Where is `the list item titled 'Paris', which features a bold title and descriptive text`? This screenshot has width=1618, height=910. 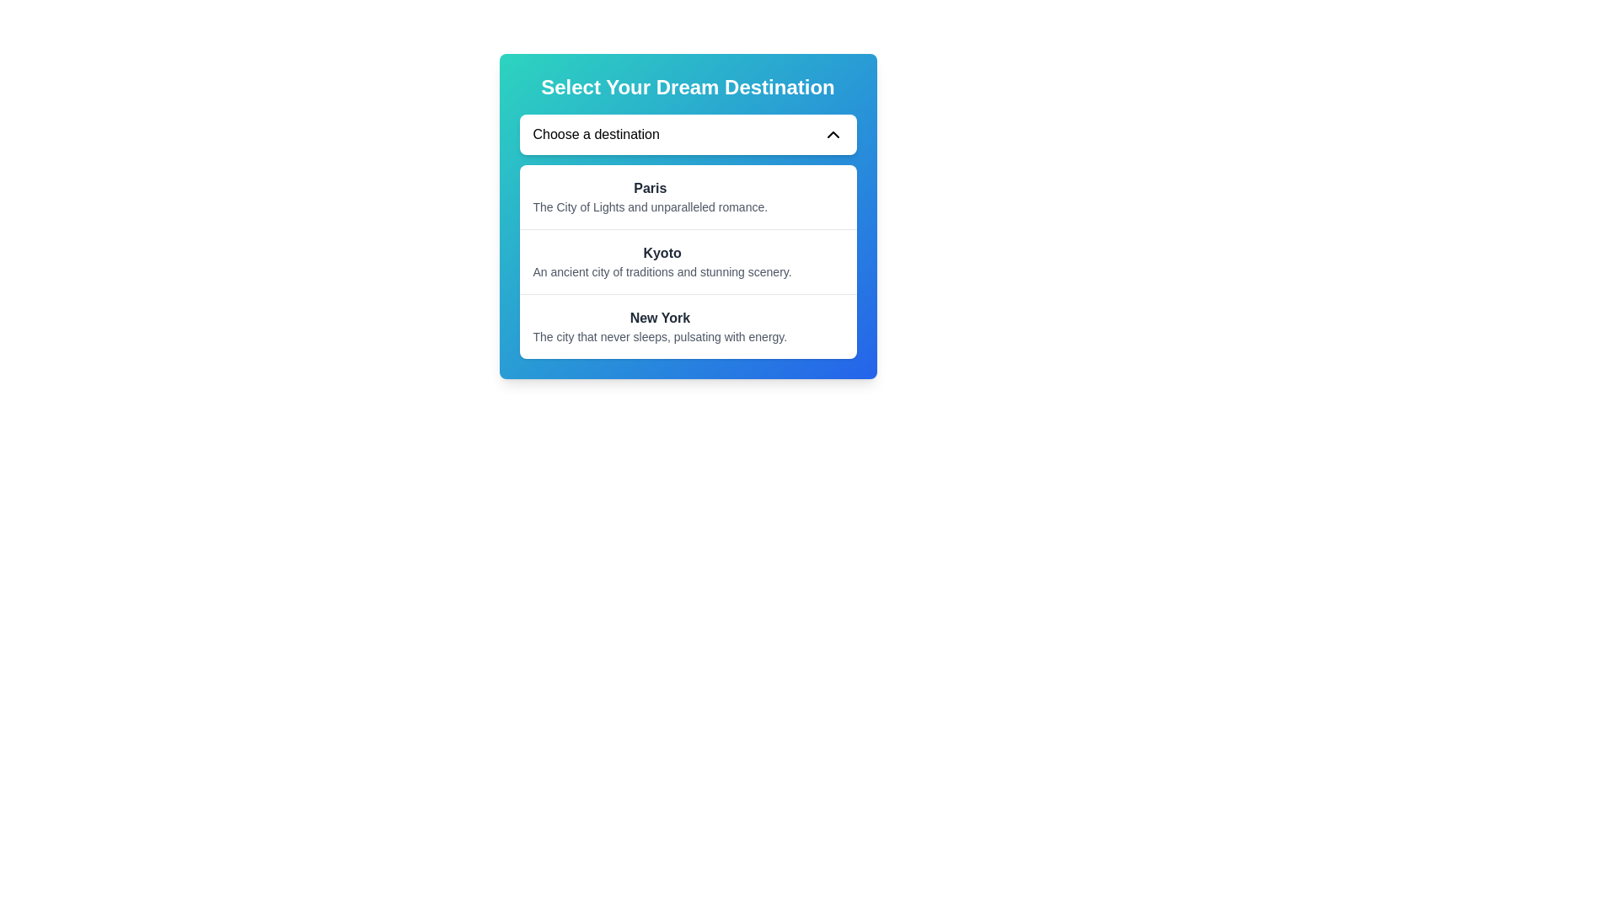 the list item titled 'Paris', which features a bold title and descriptive text is located at coordinates (688, 196).